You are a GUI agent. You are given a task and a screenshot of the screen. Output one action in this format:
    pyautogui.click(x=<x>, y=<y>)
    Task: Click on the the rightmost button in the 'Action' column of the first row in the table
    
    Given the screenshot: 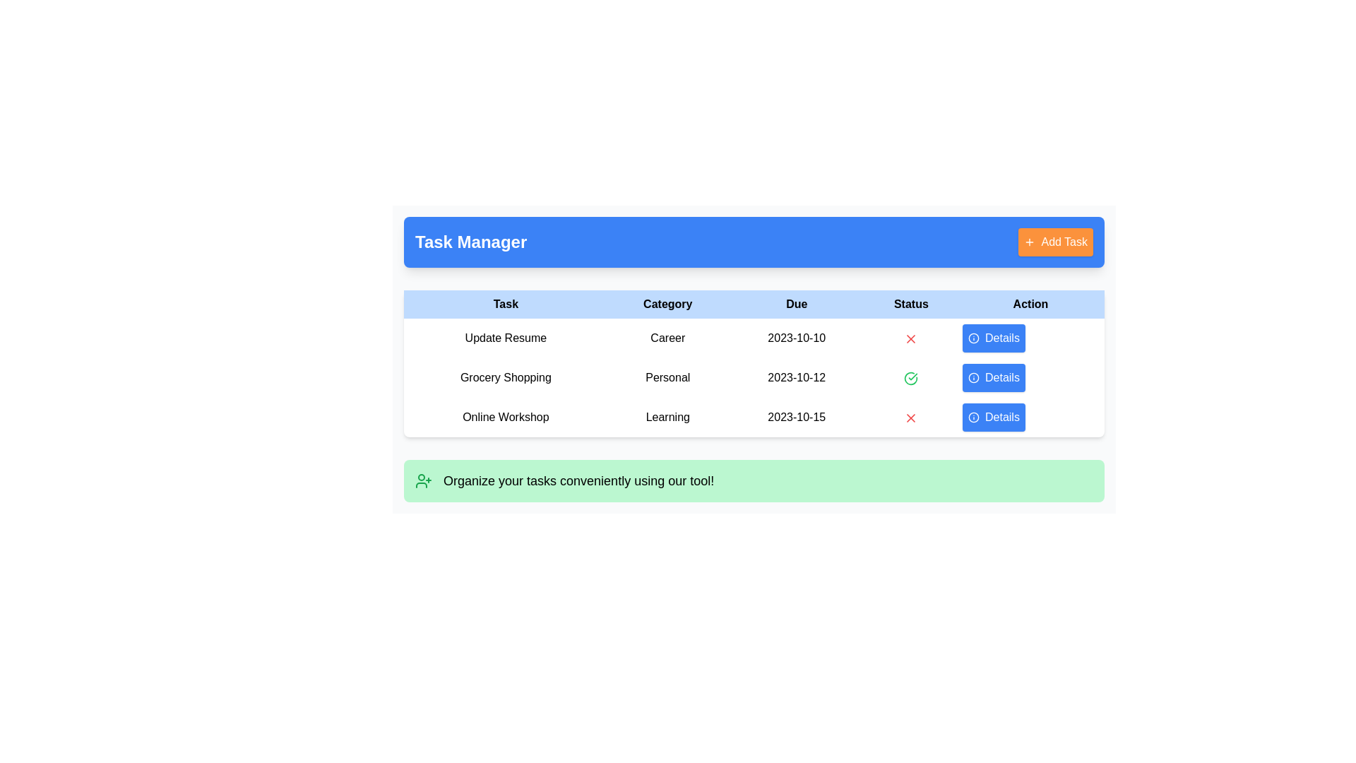 What is the action you would take?
    pyautogui.click(x=1030, y=338)
    